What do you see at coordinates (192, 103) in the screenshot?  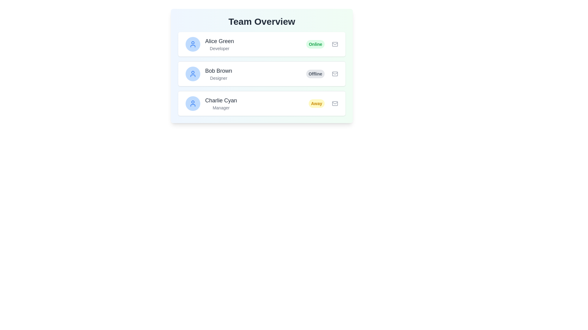 I see `the profile icon representing user 'Charlie Cyan', located in the leftmost position of the third record in the list, adjacent to the text 'Charlie Cyan - Manager'` at bounding box center [192, 103].